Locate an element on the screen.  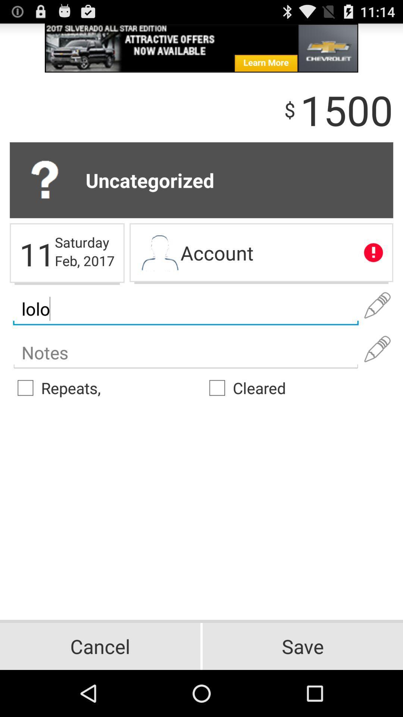
advertisement website is located at coordinates (201, 47).